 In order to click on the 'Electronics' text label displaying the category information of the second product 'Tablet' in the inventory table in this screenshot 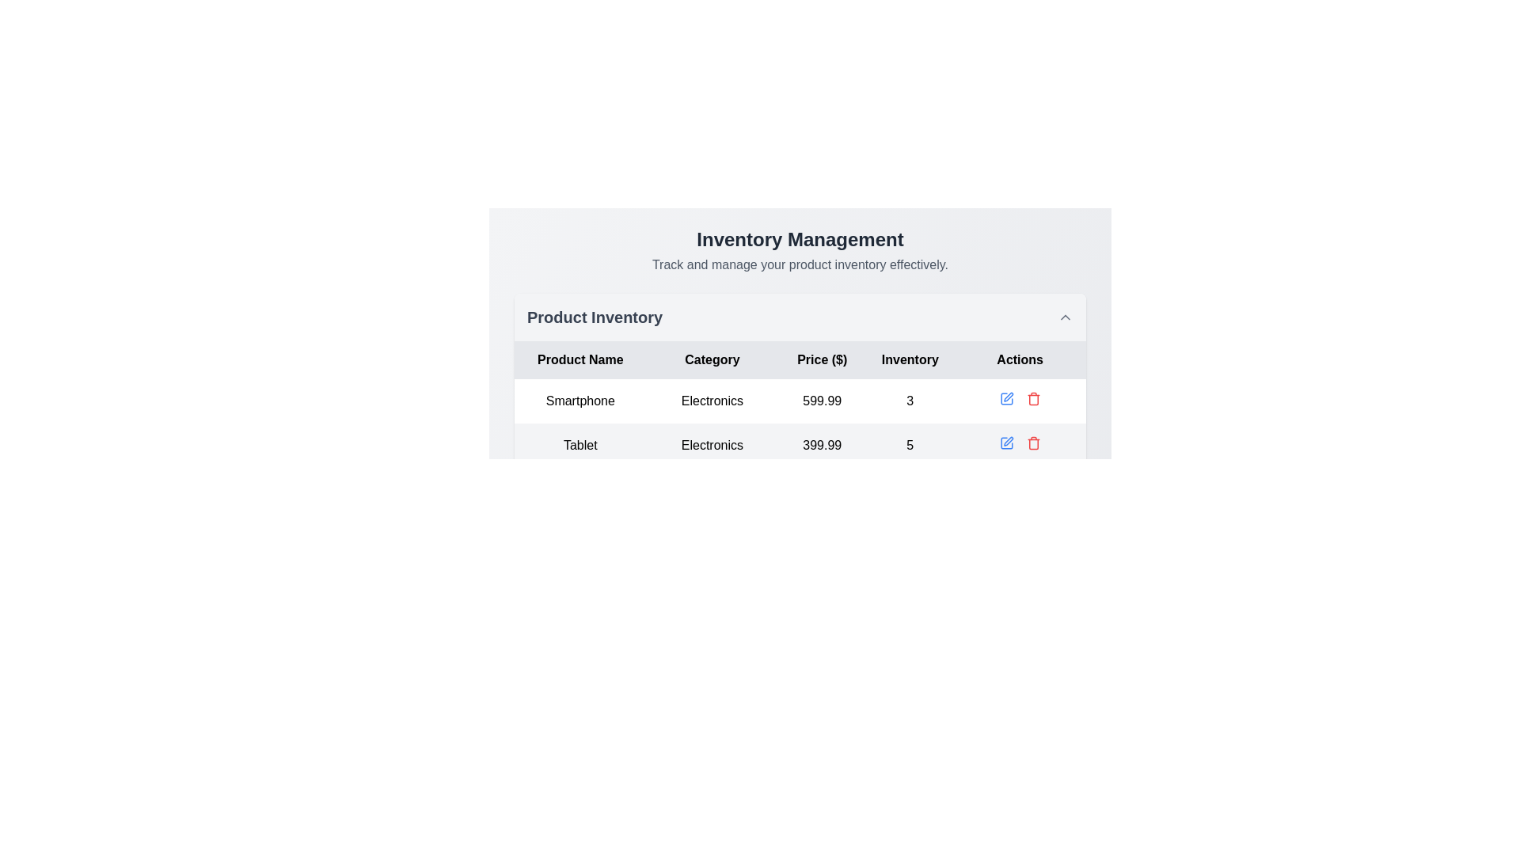, I will do `click(711, 446)`.